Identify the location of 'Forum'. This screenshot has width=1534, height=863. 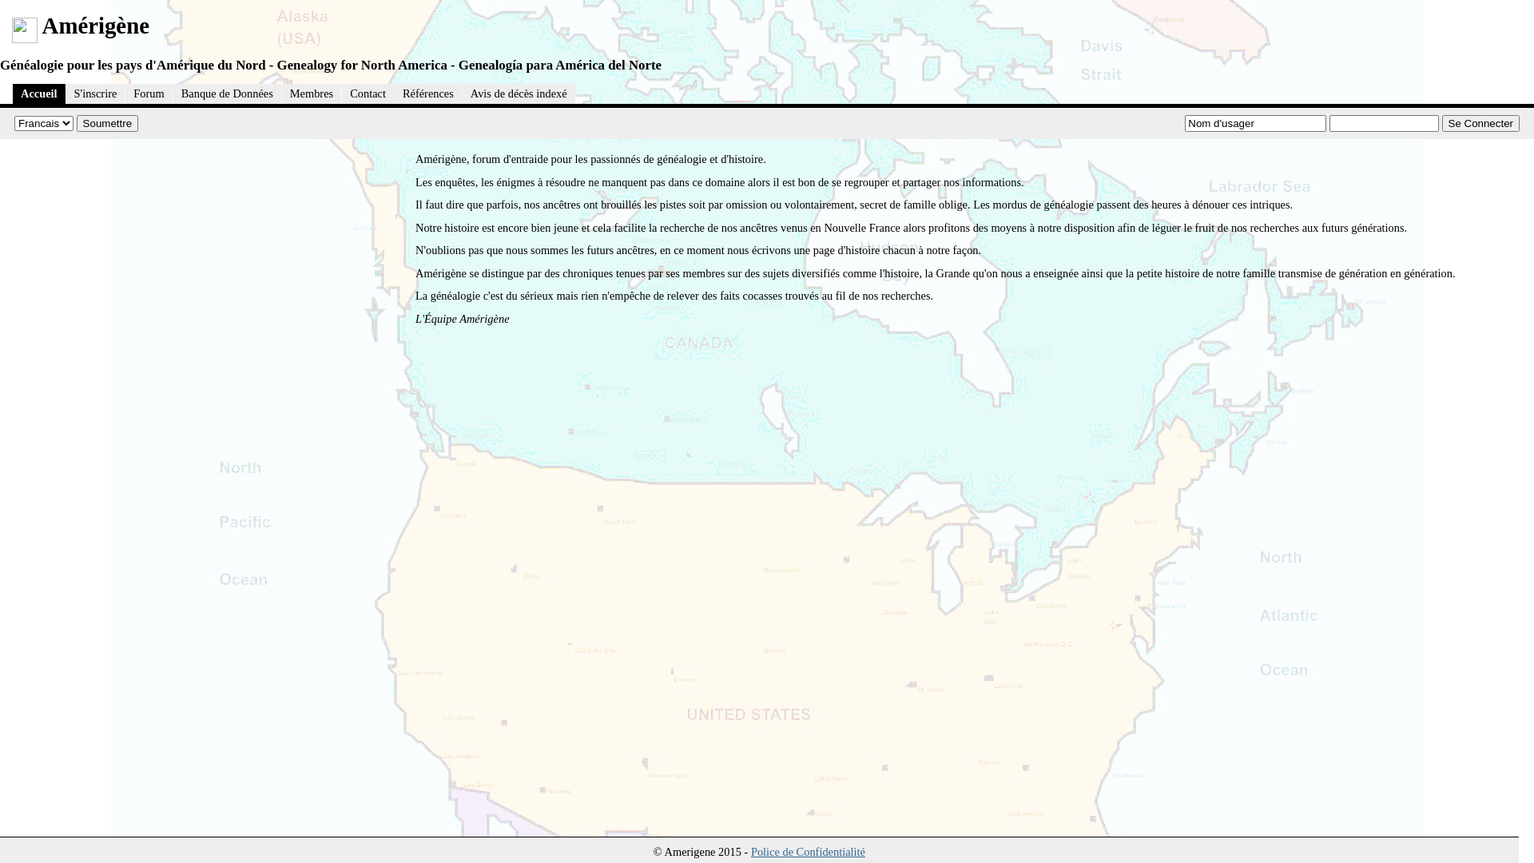
(149, 93).